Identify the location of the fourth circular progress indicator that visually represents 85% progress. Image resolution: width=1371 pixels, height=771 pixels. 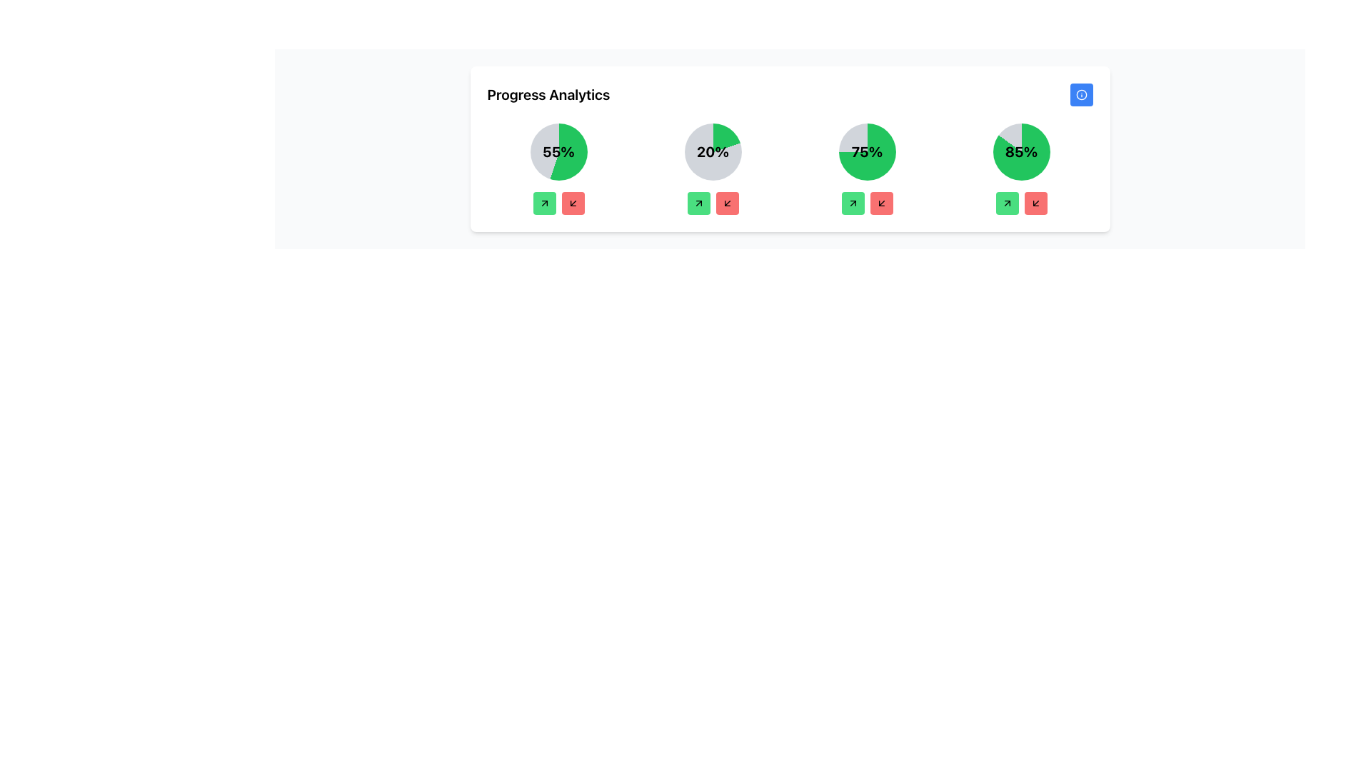
(1020, 151).